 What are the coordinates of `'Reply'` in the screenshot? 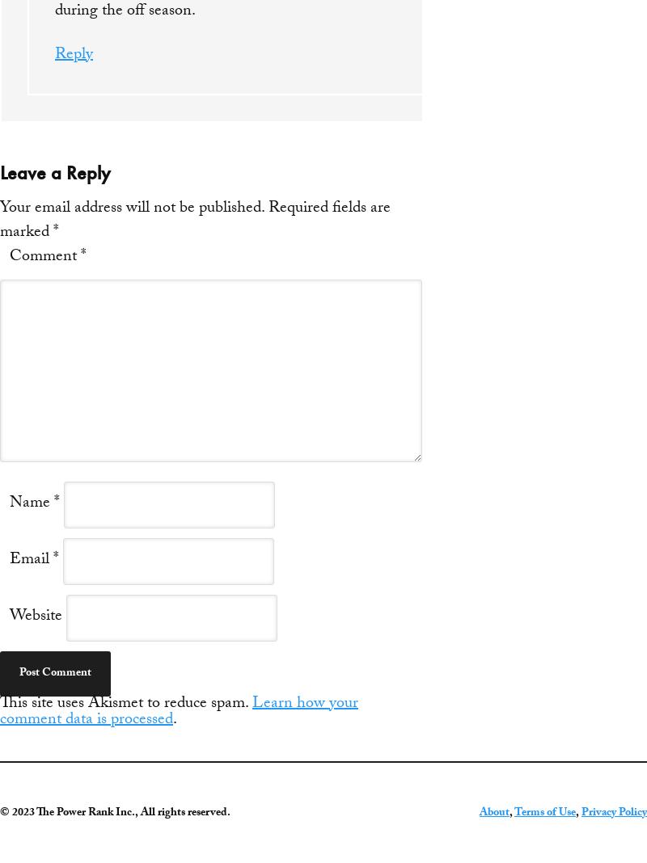 It's located at (74, 54).